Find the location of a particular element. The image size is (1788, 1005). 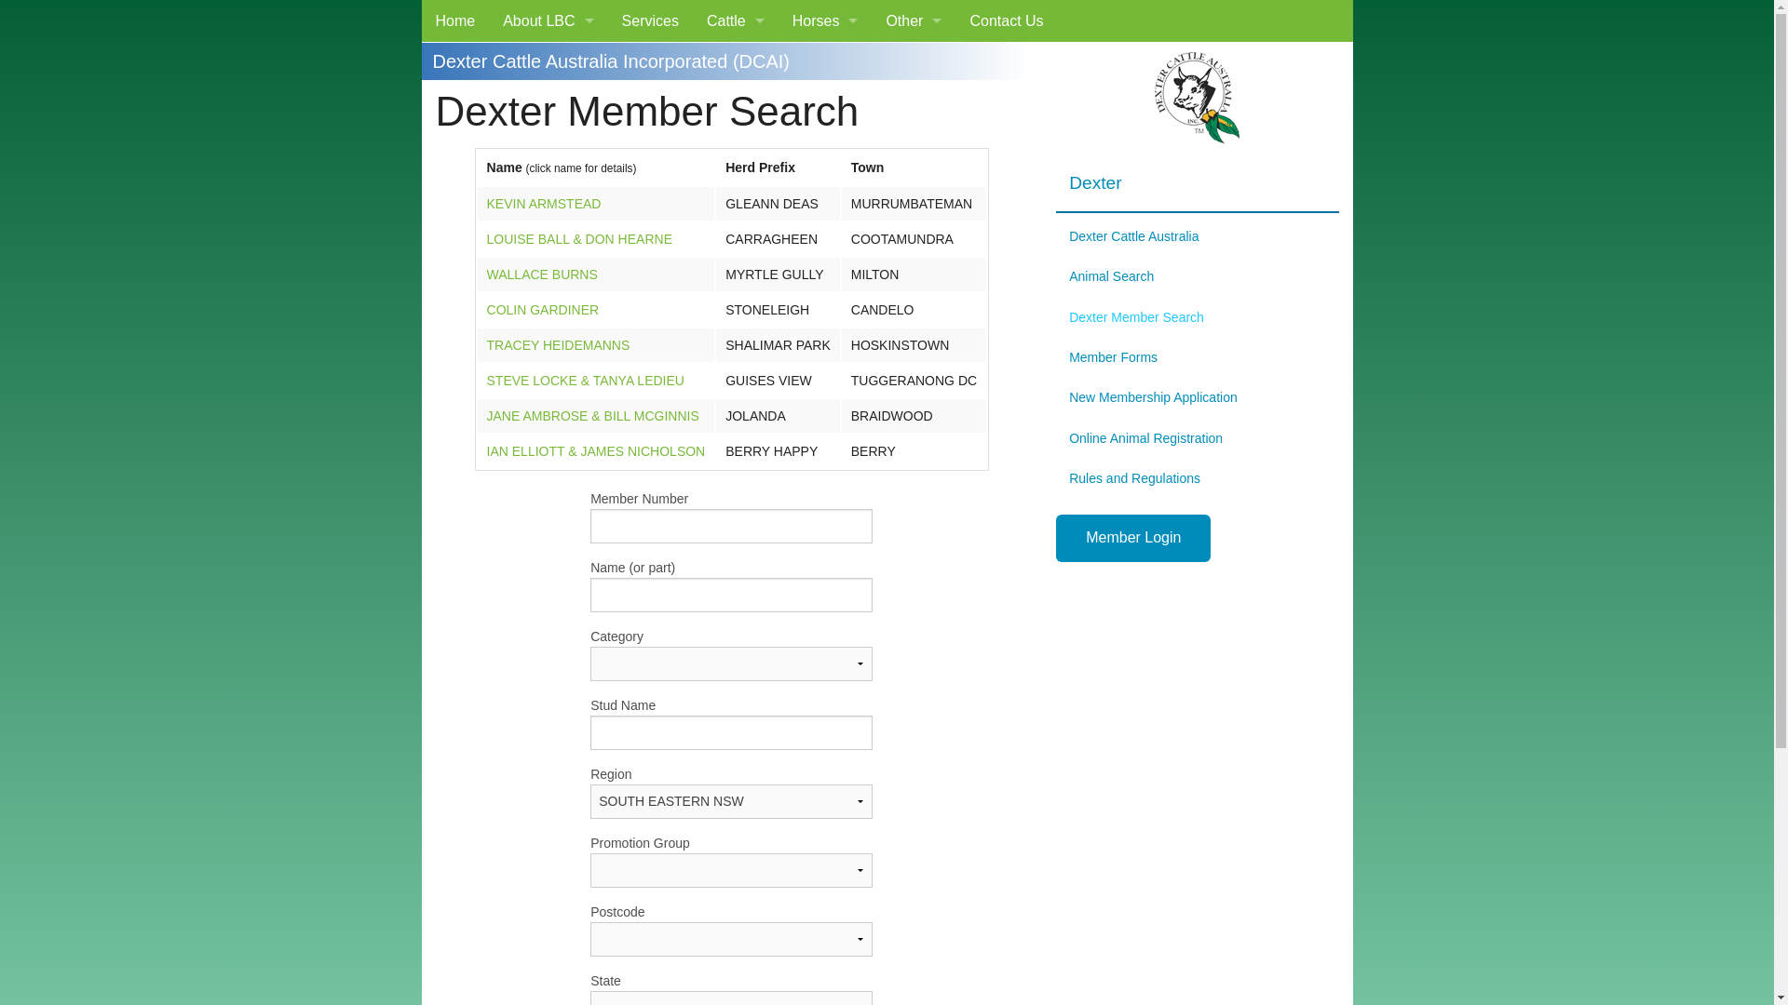

'Our Clients' is located at coordinates (547, 145).